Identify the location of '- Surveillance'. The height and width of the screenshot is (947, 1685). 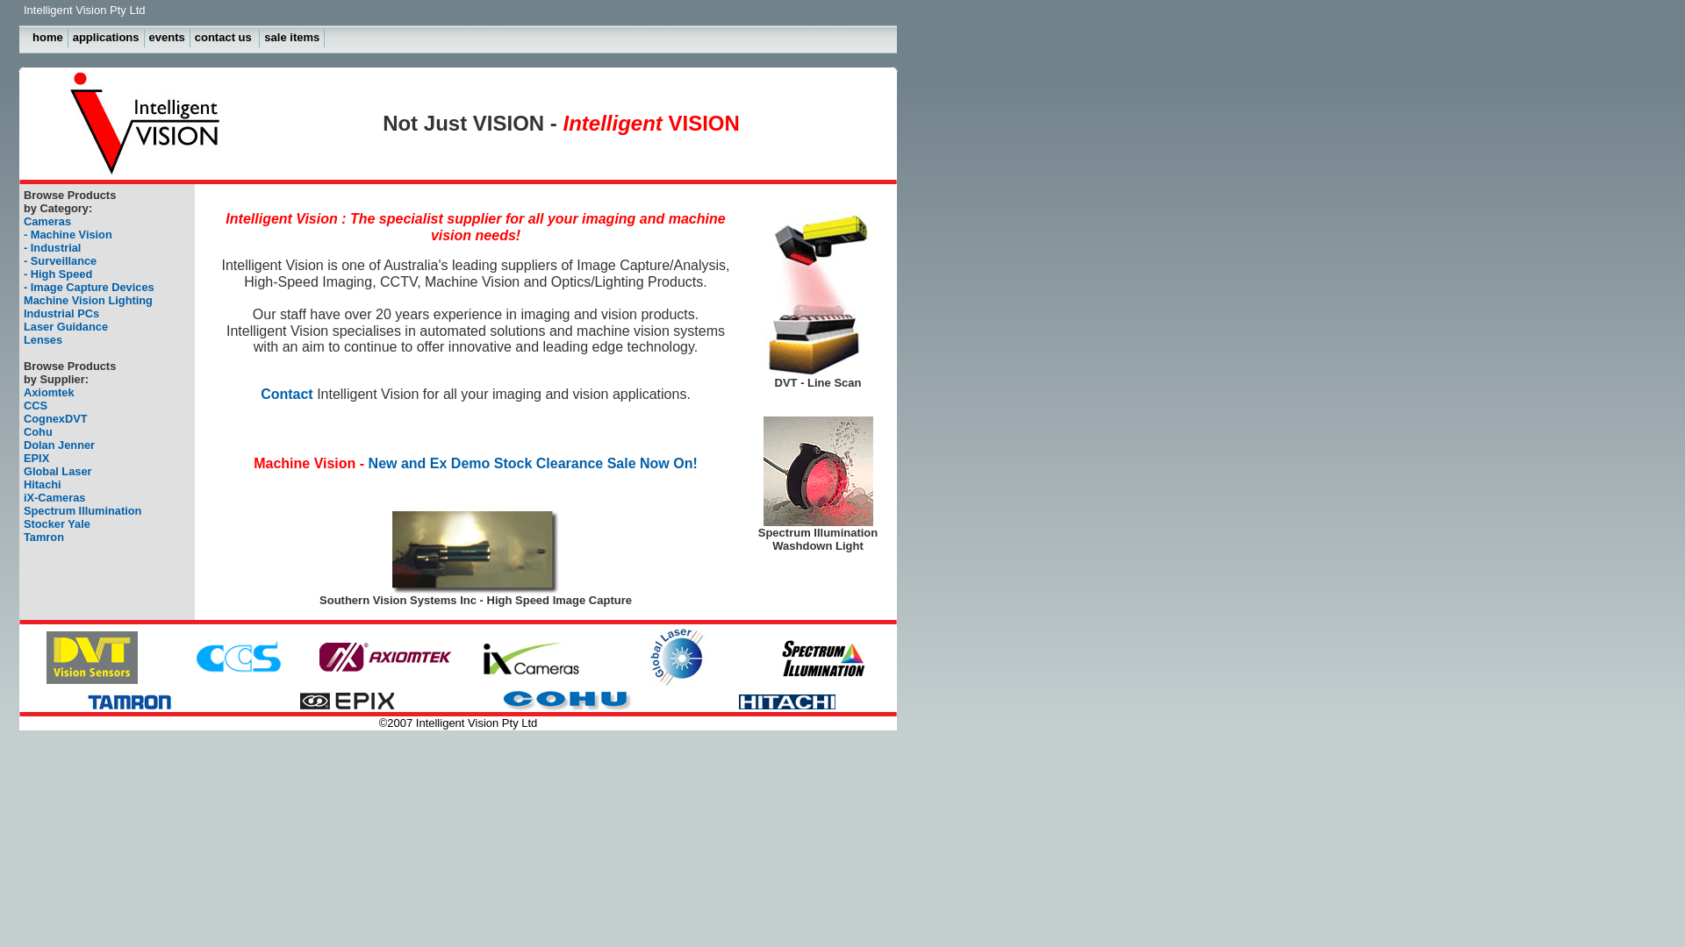
(60, 260).